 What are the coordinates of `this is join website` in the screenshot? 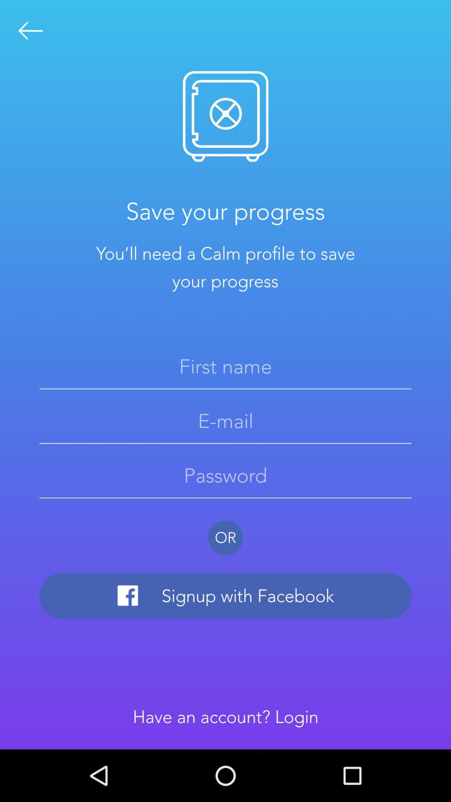 It's located at (30, 30).